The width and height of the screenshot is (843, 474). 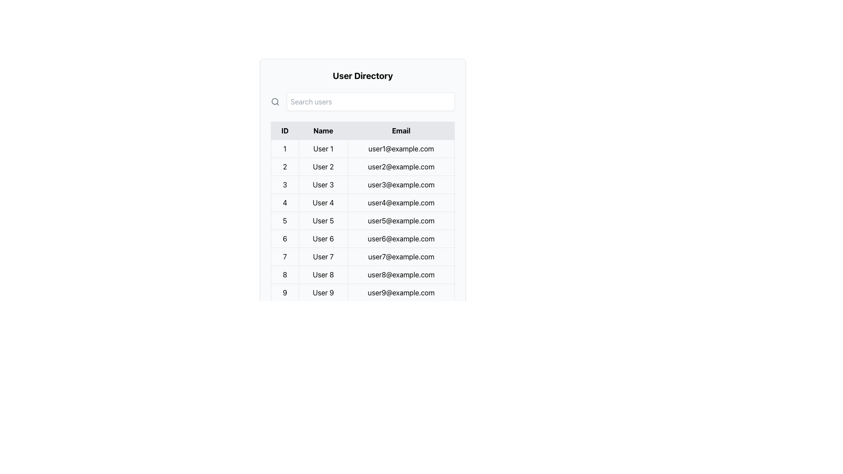 I want to click on the email address 'user5@example.com', so click(x=363, y=220).